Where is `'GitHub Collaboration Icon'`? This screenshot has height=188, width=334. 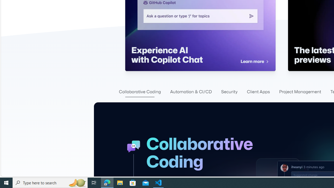
'GitHub Collaboration Icon' is located at coordinates (134, 146).